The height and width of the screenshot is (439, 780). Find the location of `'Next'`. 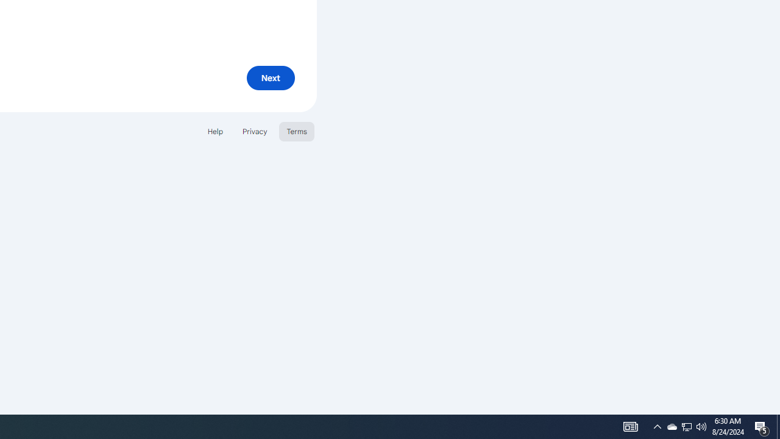

'Next' is located at coordinates (270, 77).